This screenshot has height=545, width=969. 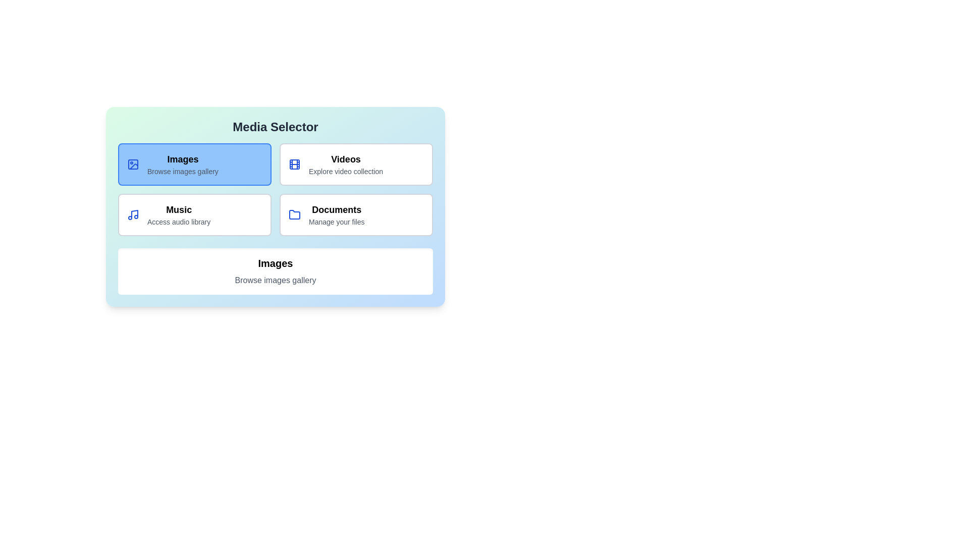 I want to click on the media card corresponding to Images, so click(x=194, y=164).